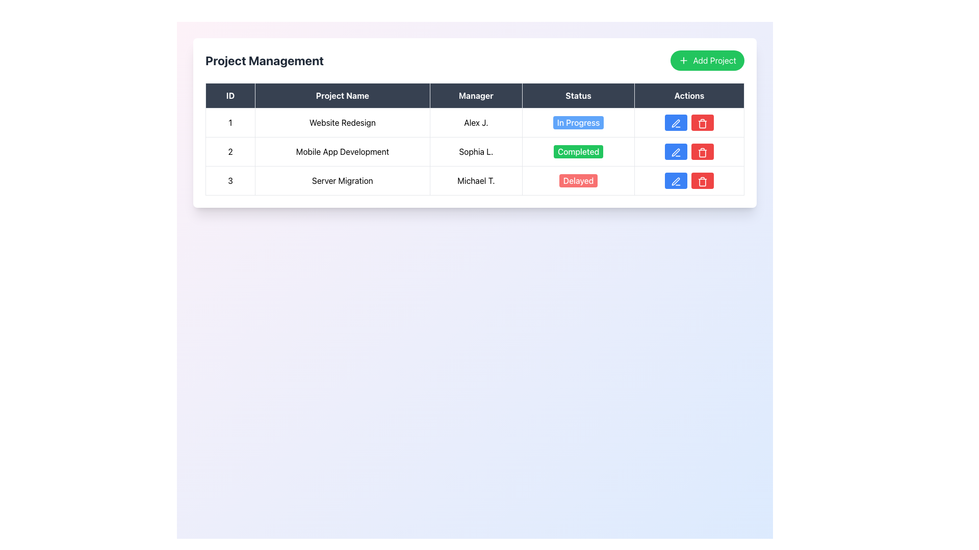 The width and height of the screenshot is (979, 550). What do you see at coordinates (676, 152) in the screenshot?
I see `the blue pen icon button in the 'Actions' column of the second row under the 'Mobile App Development' project` at bounding box center [676, 152].